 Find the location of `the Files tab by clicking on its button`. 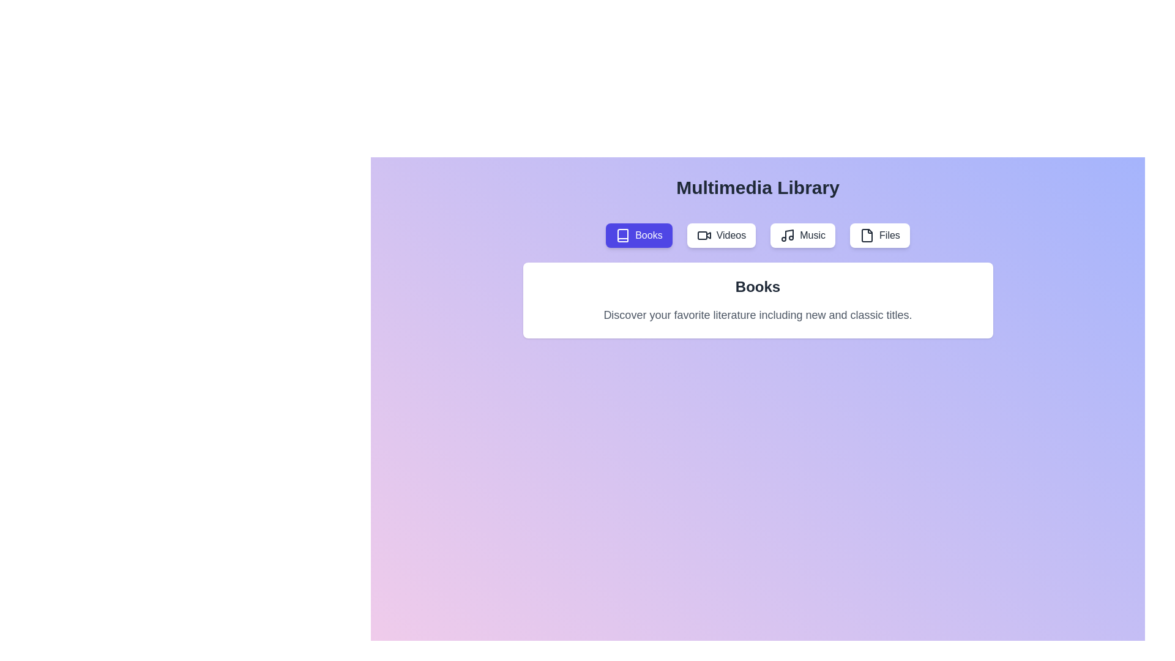

the Files tab by clicking on its button is located at coordinates (879, 236).